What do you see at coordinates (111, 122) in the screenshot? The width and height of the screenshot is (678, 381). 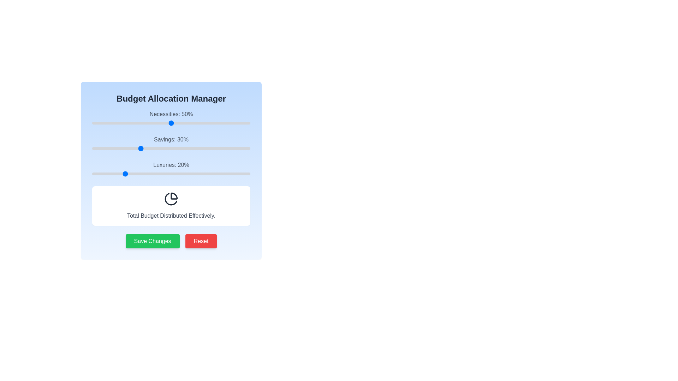 I see `the 'necessities' slider` at bounding box center [111, 122].